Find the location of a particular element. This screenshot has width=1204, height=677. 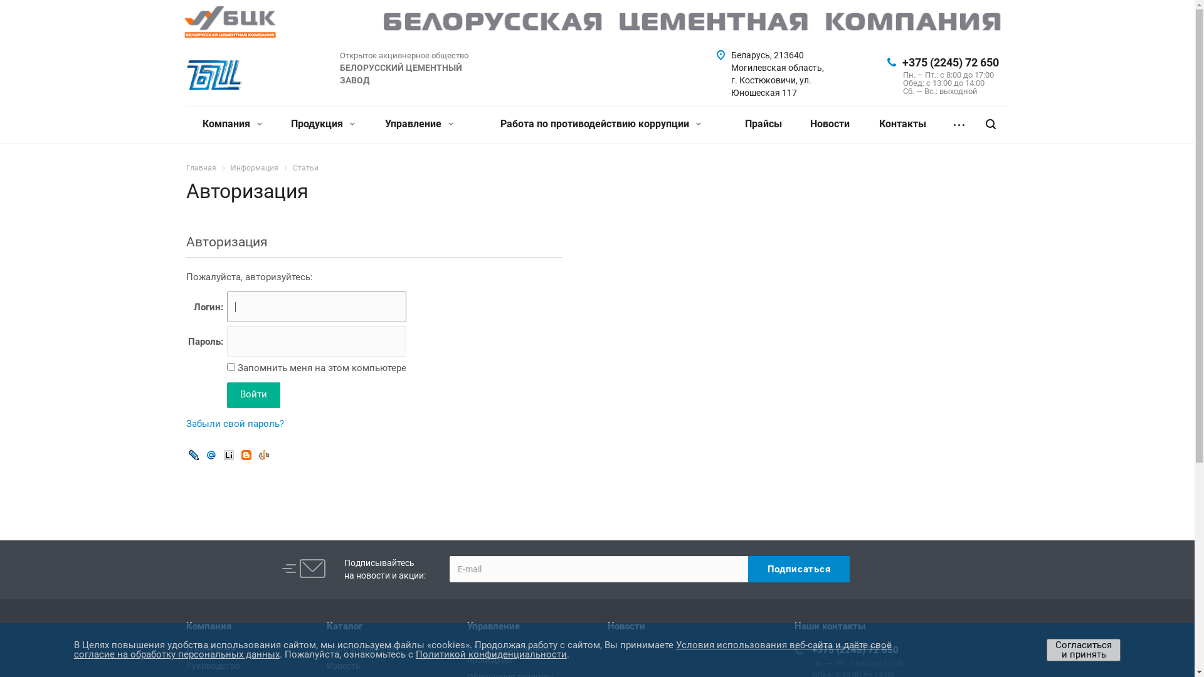

'Mail.Ru OpenID' is located at coordinates (211, 454).